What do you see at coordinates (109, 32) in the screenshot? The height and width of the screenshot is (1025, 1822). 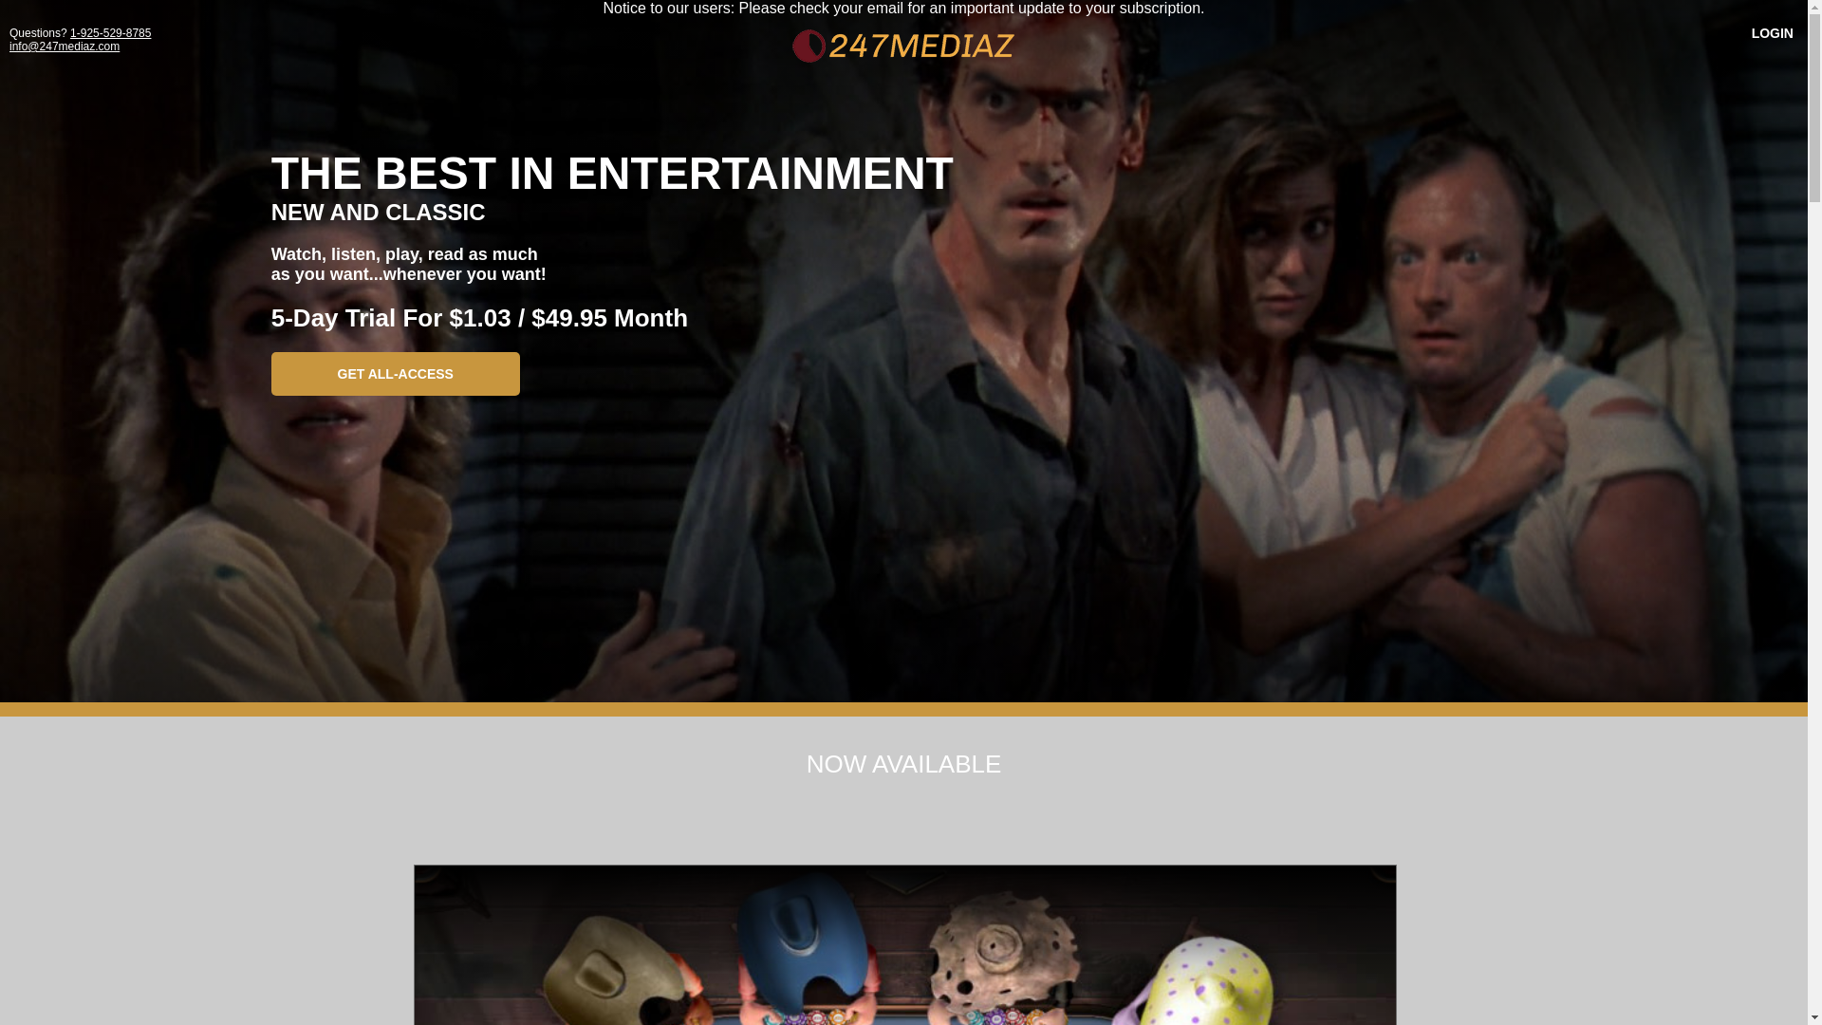 I see `'1-925-529-8785'` at bounding box center [109, 32].